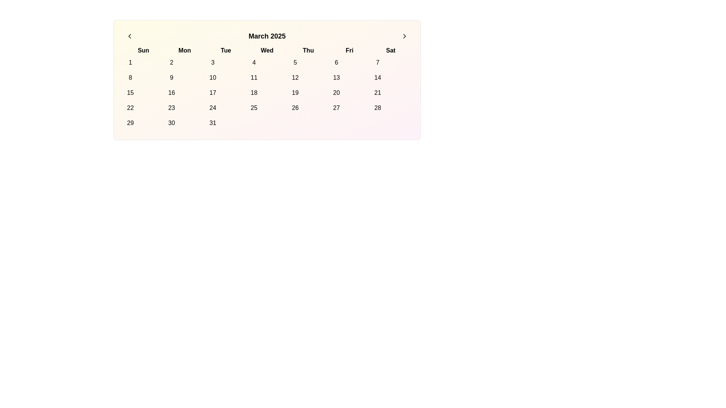  I want to click on the button for the 30th day of the calendar, so click(171, 123).